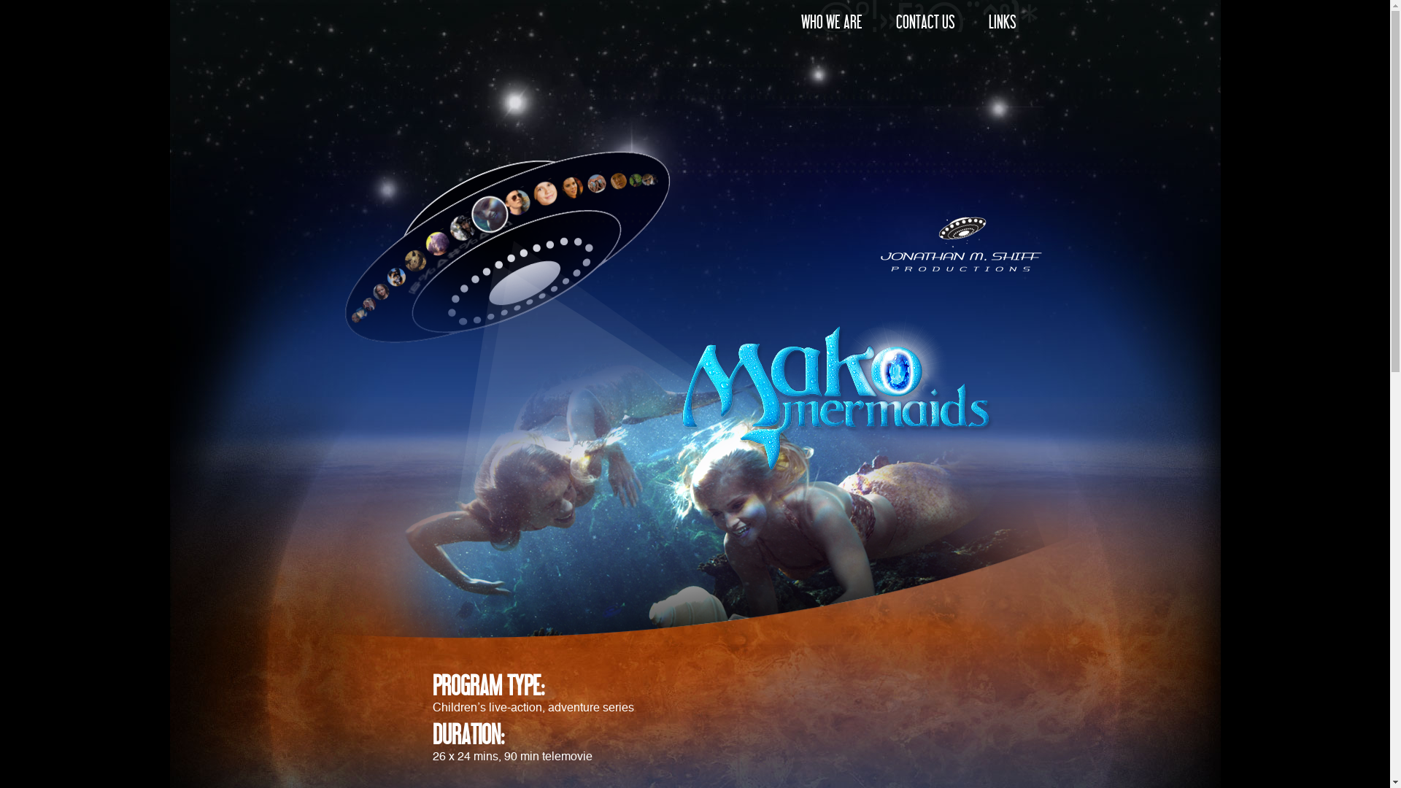  Describe the element at coordinates (633, 182) in the screenshot. I see `'Wicked Science'` at that location.